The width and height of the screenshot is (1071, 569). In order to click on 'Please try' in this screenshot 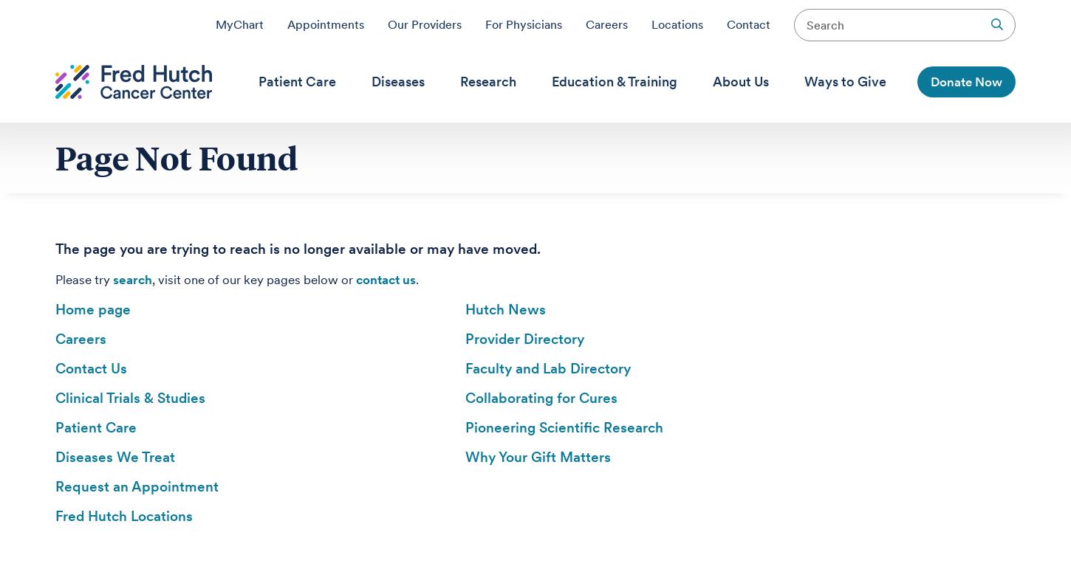, I will do `click(55, 280)`.